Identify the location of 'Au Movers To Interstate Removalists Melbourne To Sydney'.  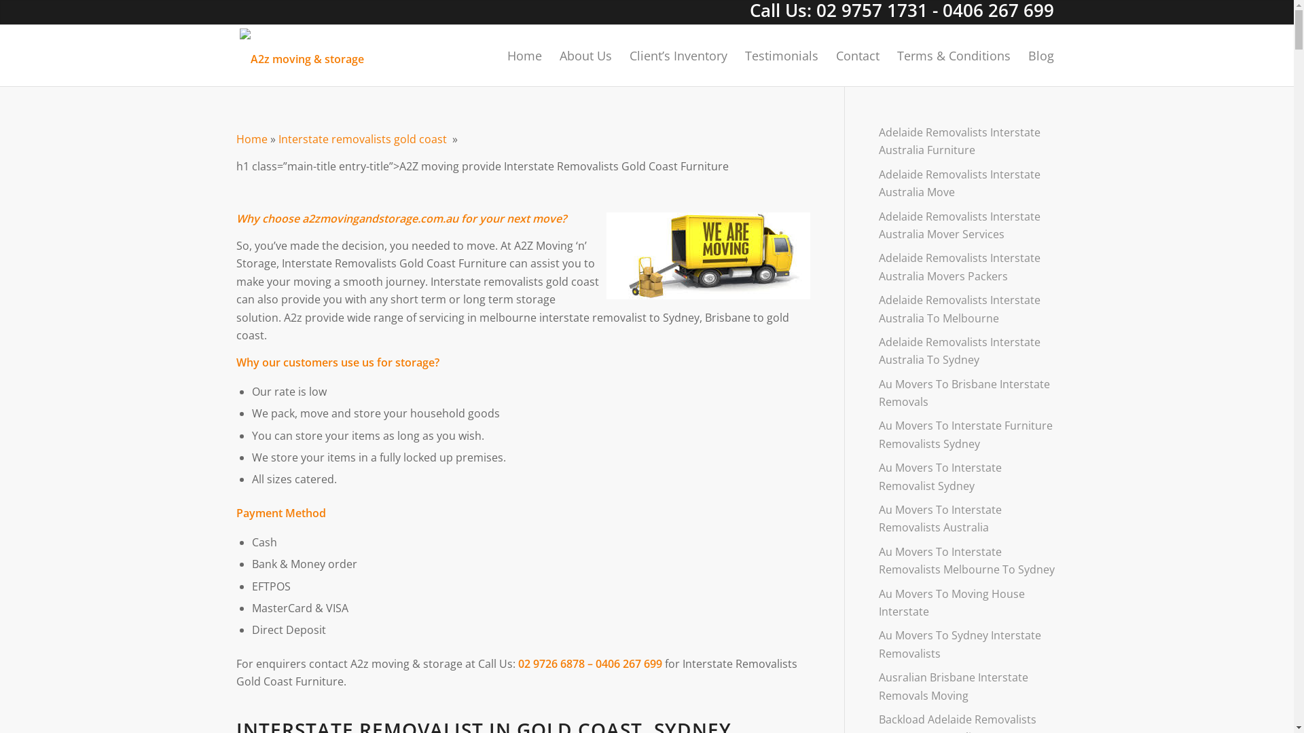
(967, 561).